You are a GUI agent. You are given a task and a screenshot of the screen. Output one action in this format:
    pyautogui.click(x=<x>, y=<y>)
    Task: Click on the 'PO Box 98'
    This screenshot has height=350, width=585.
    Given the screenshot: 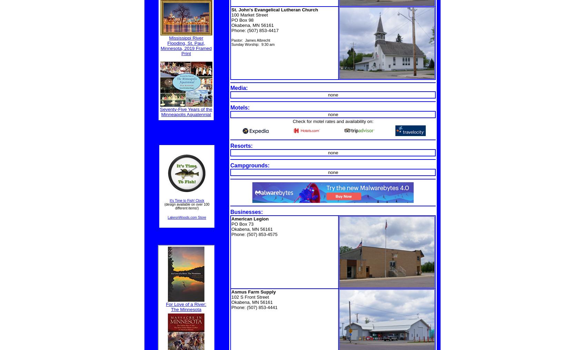 What is the action you would take?
    pyautogui.click(x=242, y=20)
    